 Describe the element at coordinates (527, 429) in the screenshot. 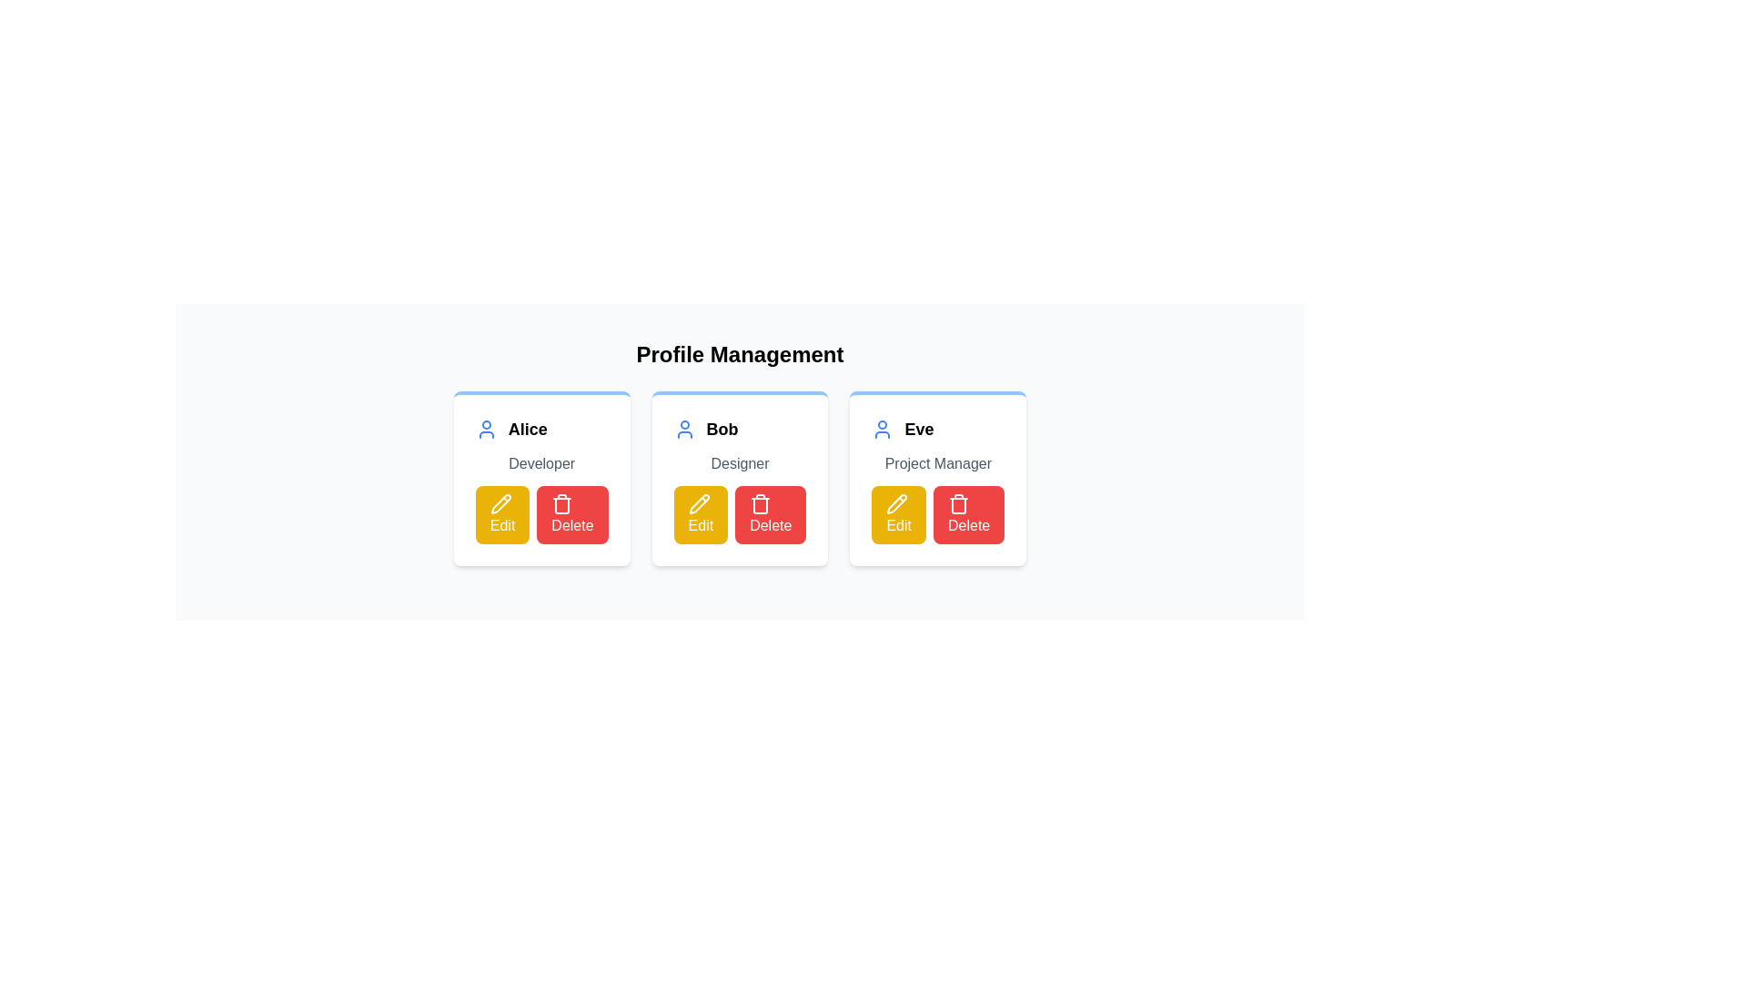

I see `the static text displaying the user name 'Alice' in the user profile card, which is located centrally above the label 'Developer'` at that location.